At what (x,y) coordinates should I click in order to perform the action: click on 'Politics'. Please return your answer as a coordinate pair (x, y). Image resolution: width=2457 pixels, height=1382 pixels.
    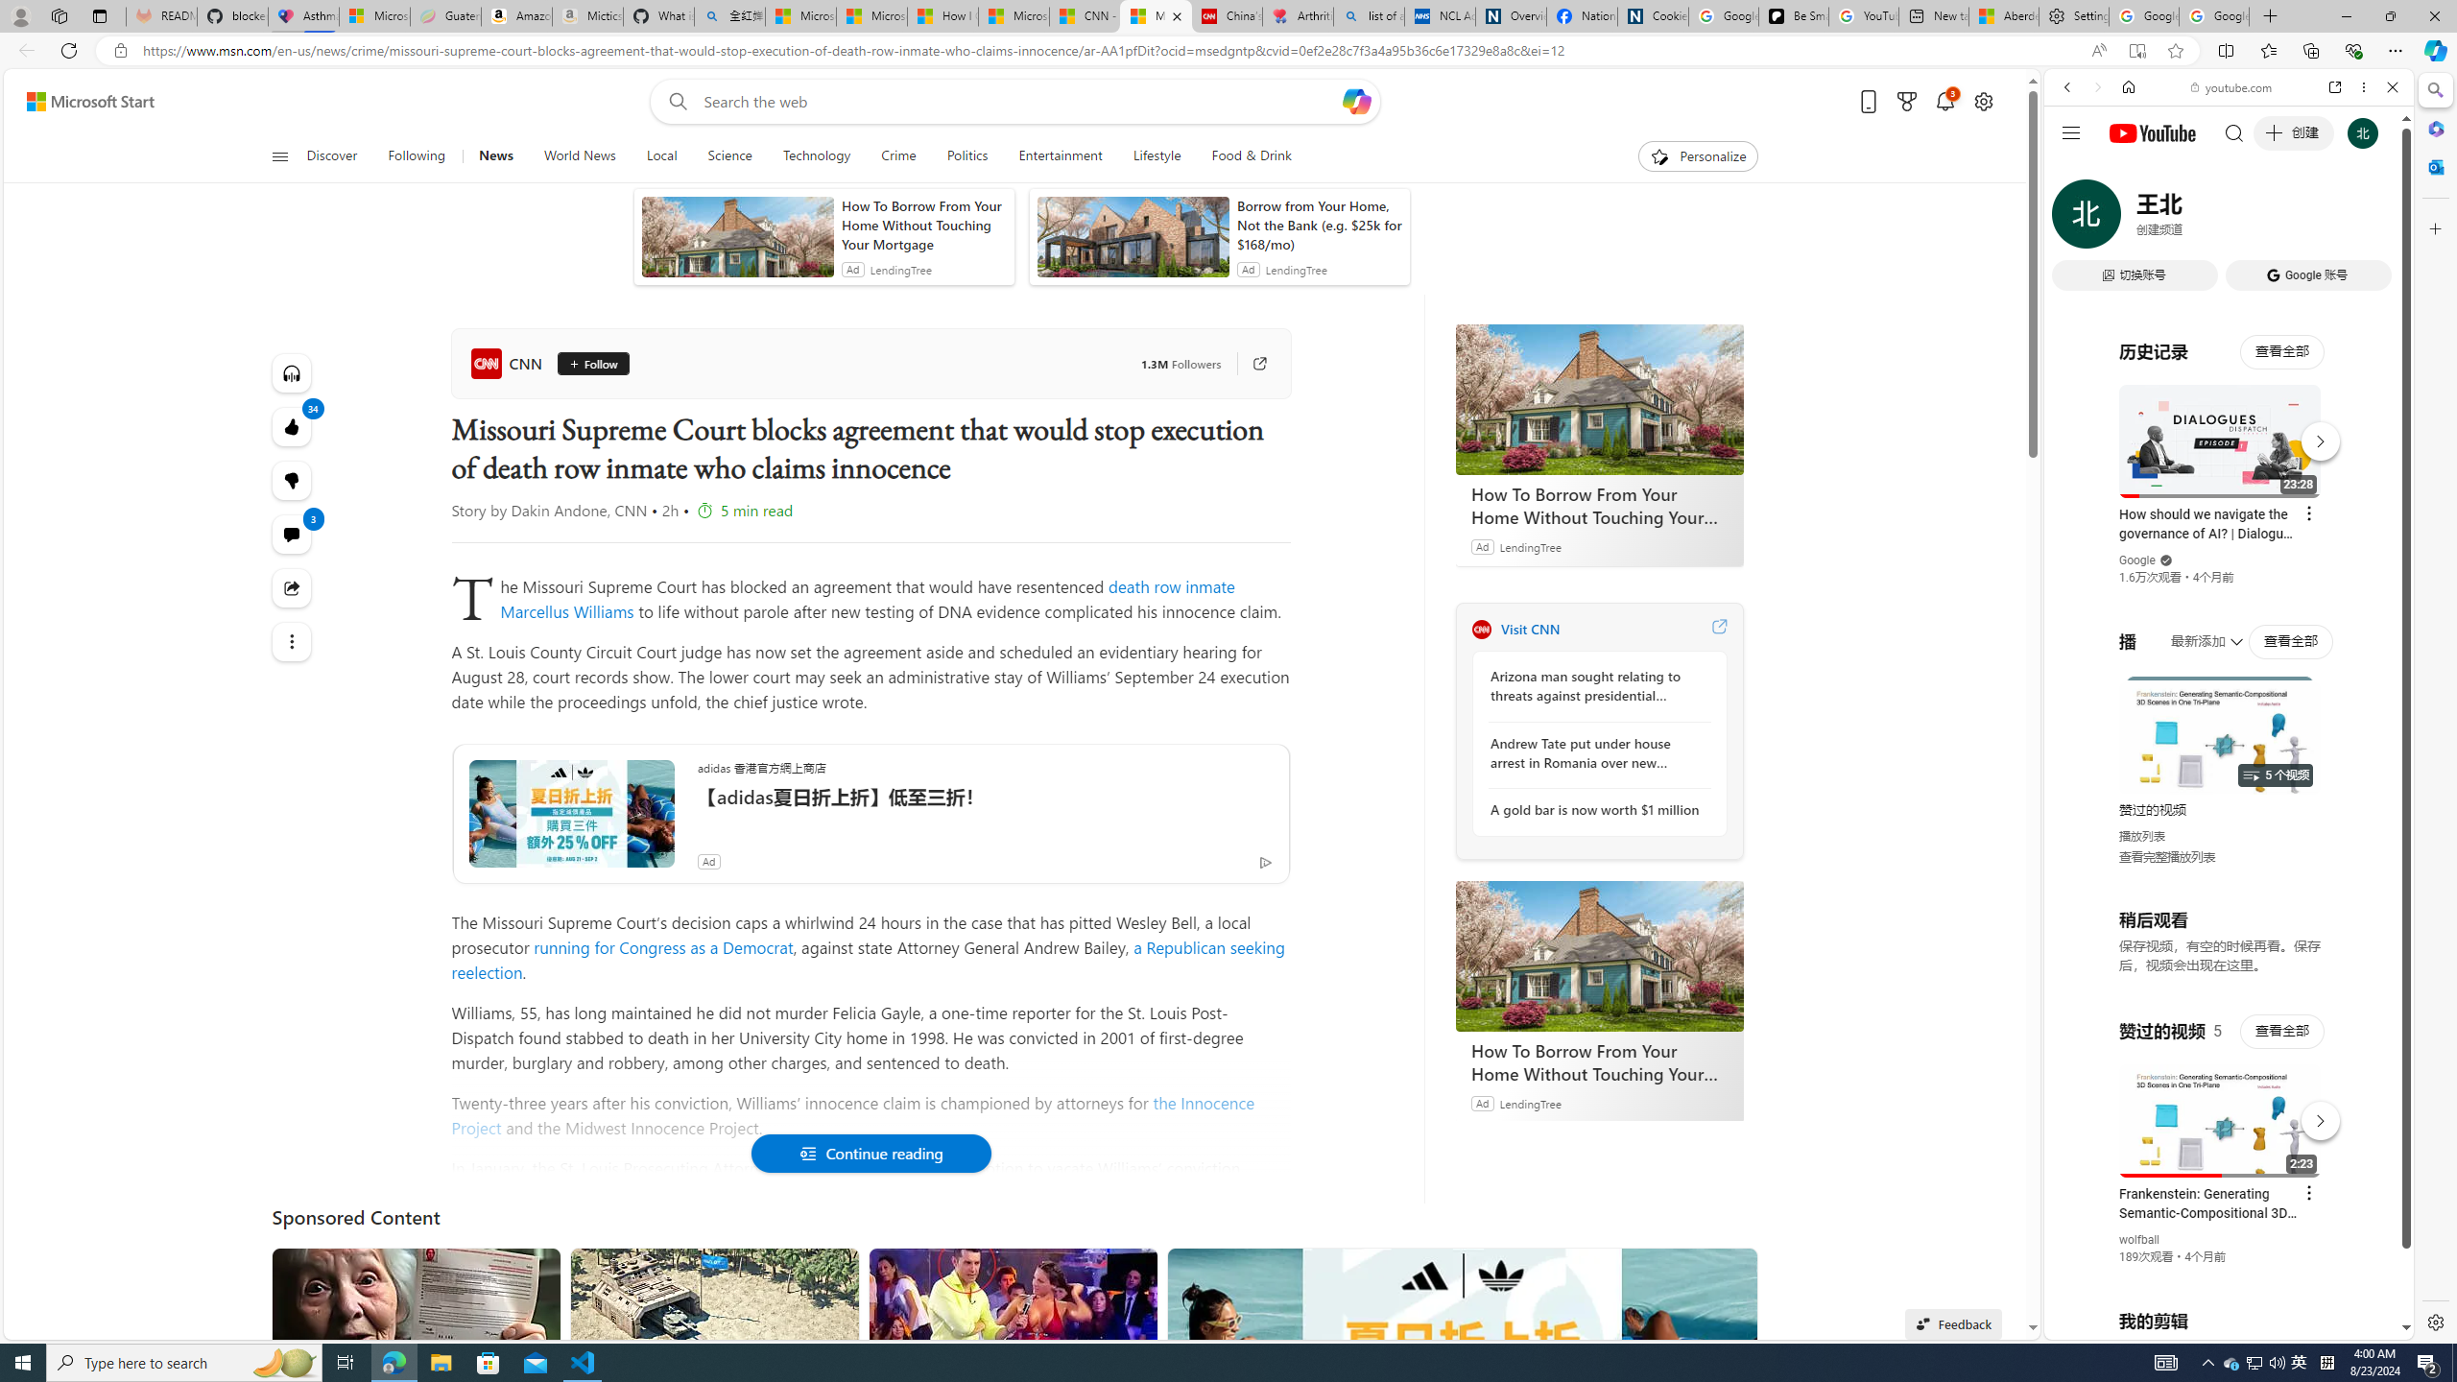
    Looking at the image, I should click on (966, 155).